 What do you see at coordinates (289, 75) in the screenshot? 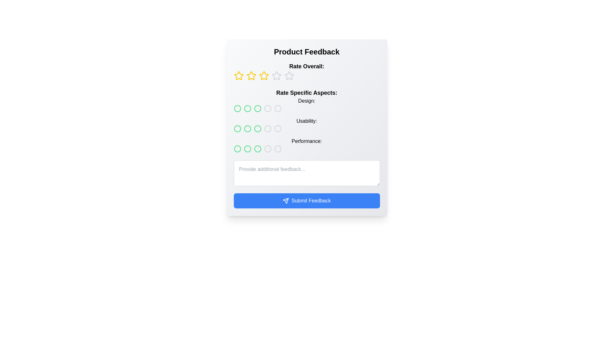
I see `the fourth star icon in the star rating interface` at bounding box center [289, 75].